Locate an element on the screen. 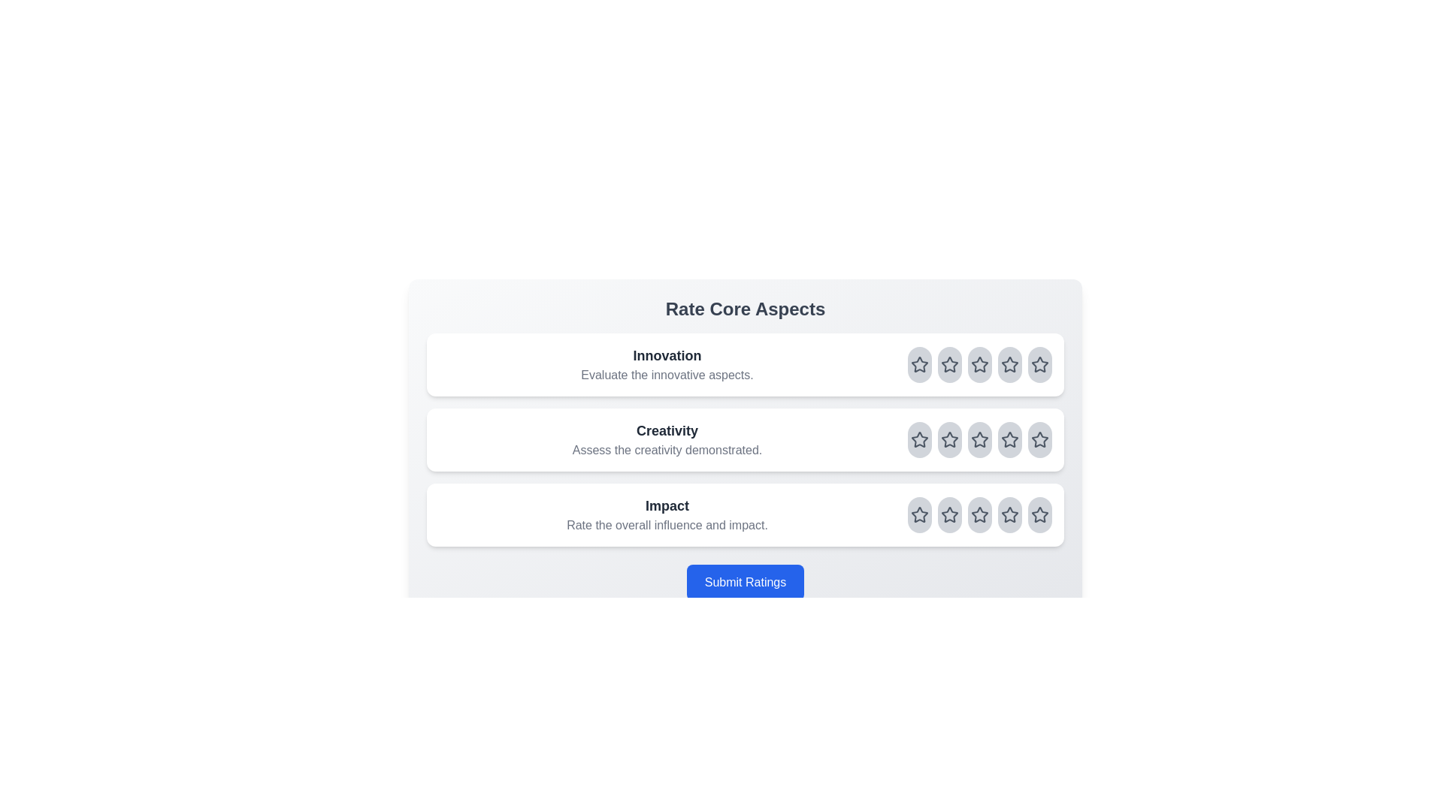 The height and width of the screenshot is (811, 1443). the rating for the aspect Impact to 1 stars by clicking on the corresponding star is located at coordinates (919, 514).